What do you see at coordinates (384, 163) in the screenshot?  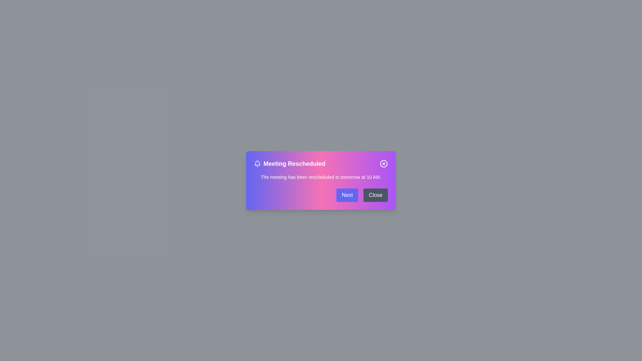 I see `the 'X' button to dismiss the dialog` at bounding box center [384, 163].